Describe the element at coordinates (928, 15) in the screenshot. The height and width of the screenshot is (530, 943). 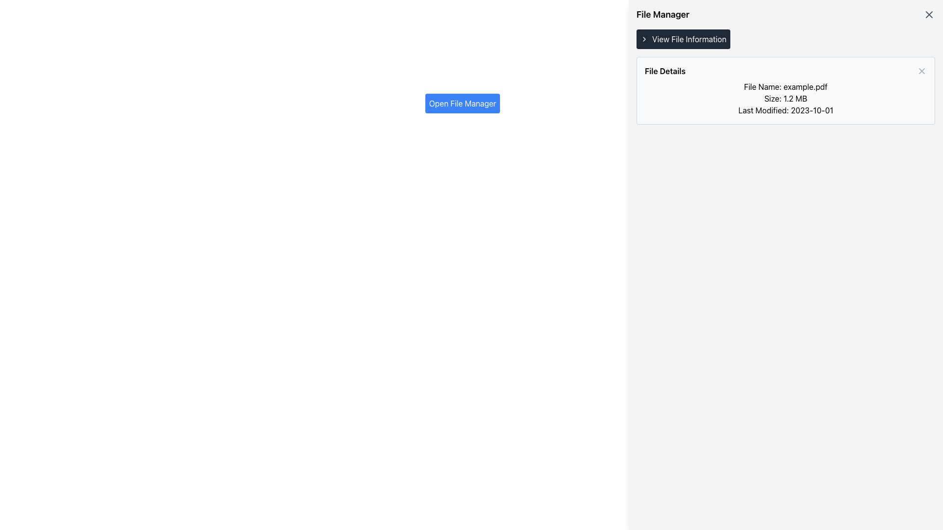
I see `the close icon represented by an 'X' in the top-right corner of the file detail overlay` at that location.